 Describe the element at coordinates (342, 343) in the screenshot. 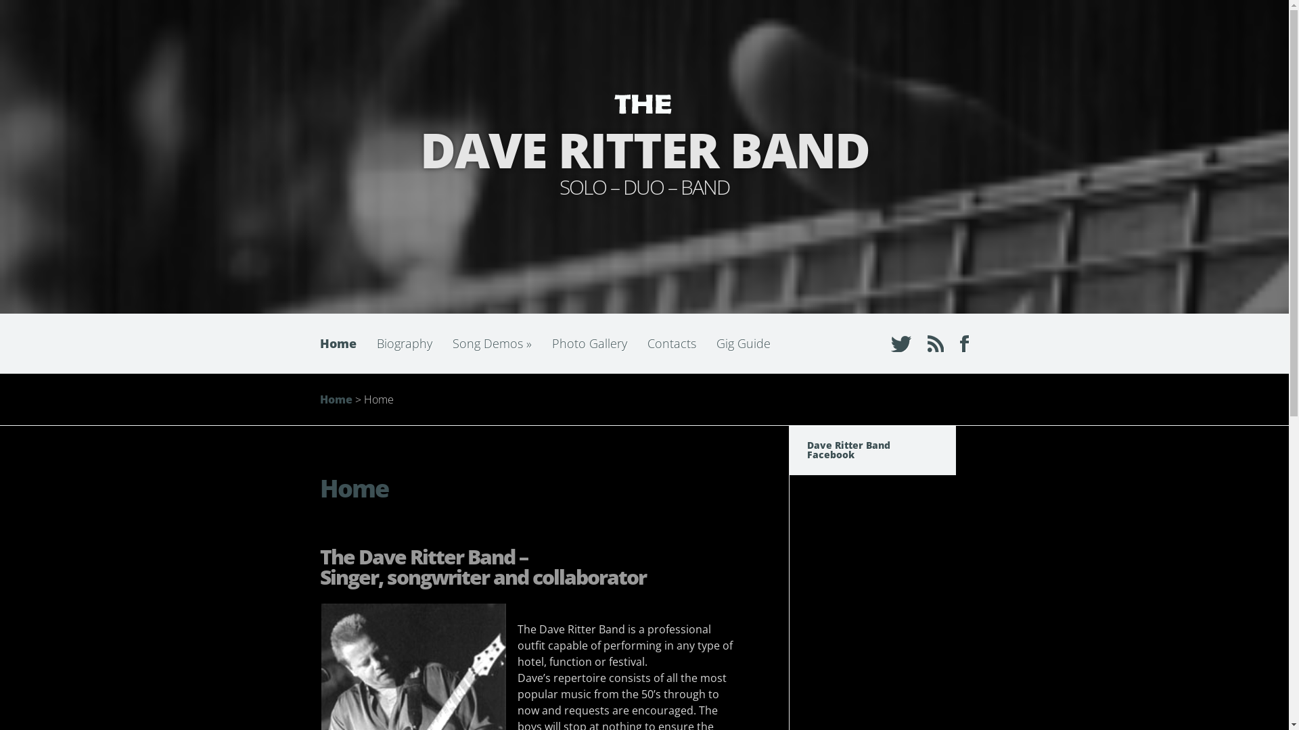

I see `'Home'` at that location.